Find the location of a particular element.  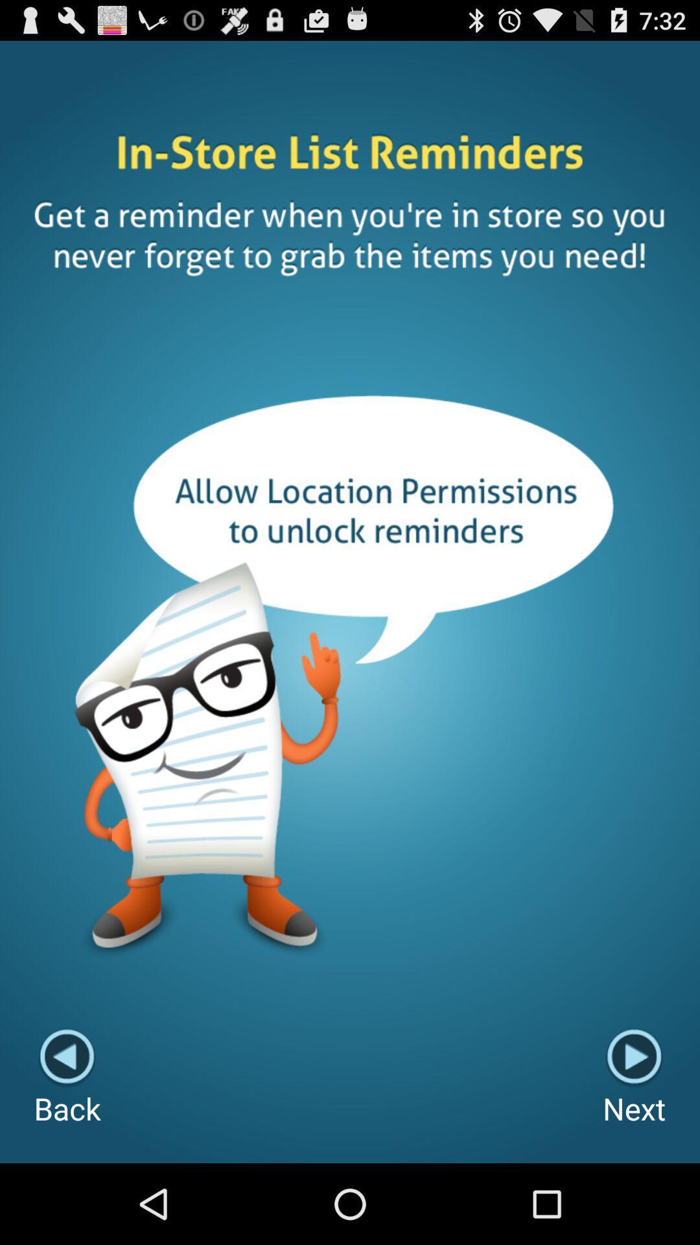

icon next to the back is located at coordinates (633, 1078).